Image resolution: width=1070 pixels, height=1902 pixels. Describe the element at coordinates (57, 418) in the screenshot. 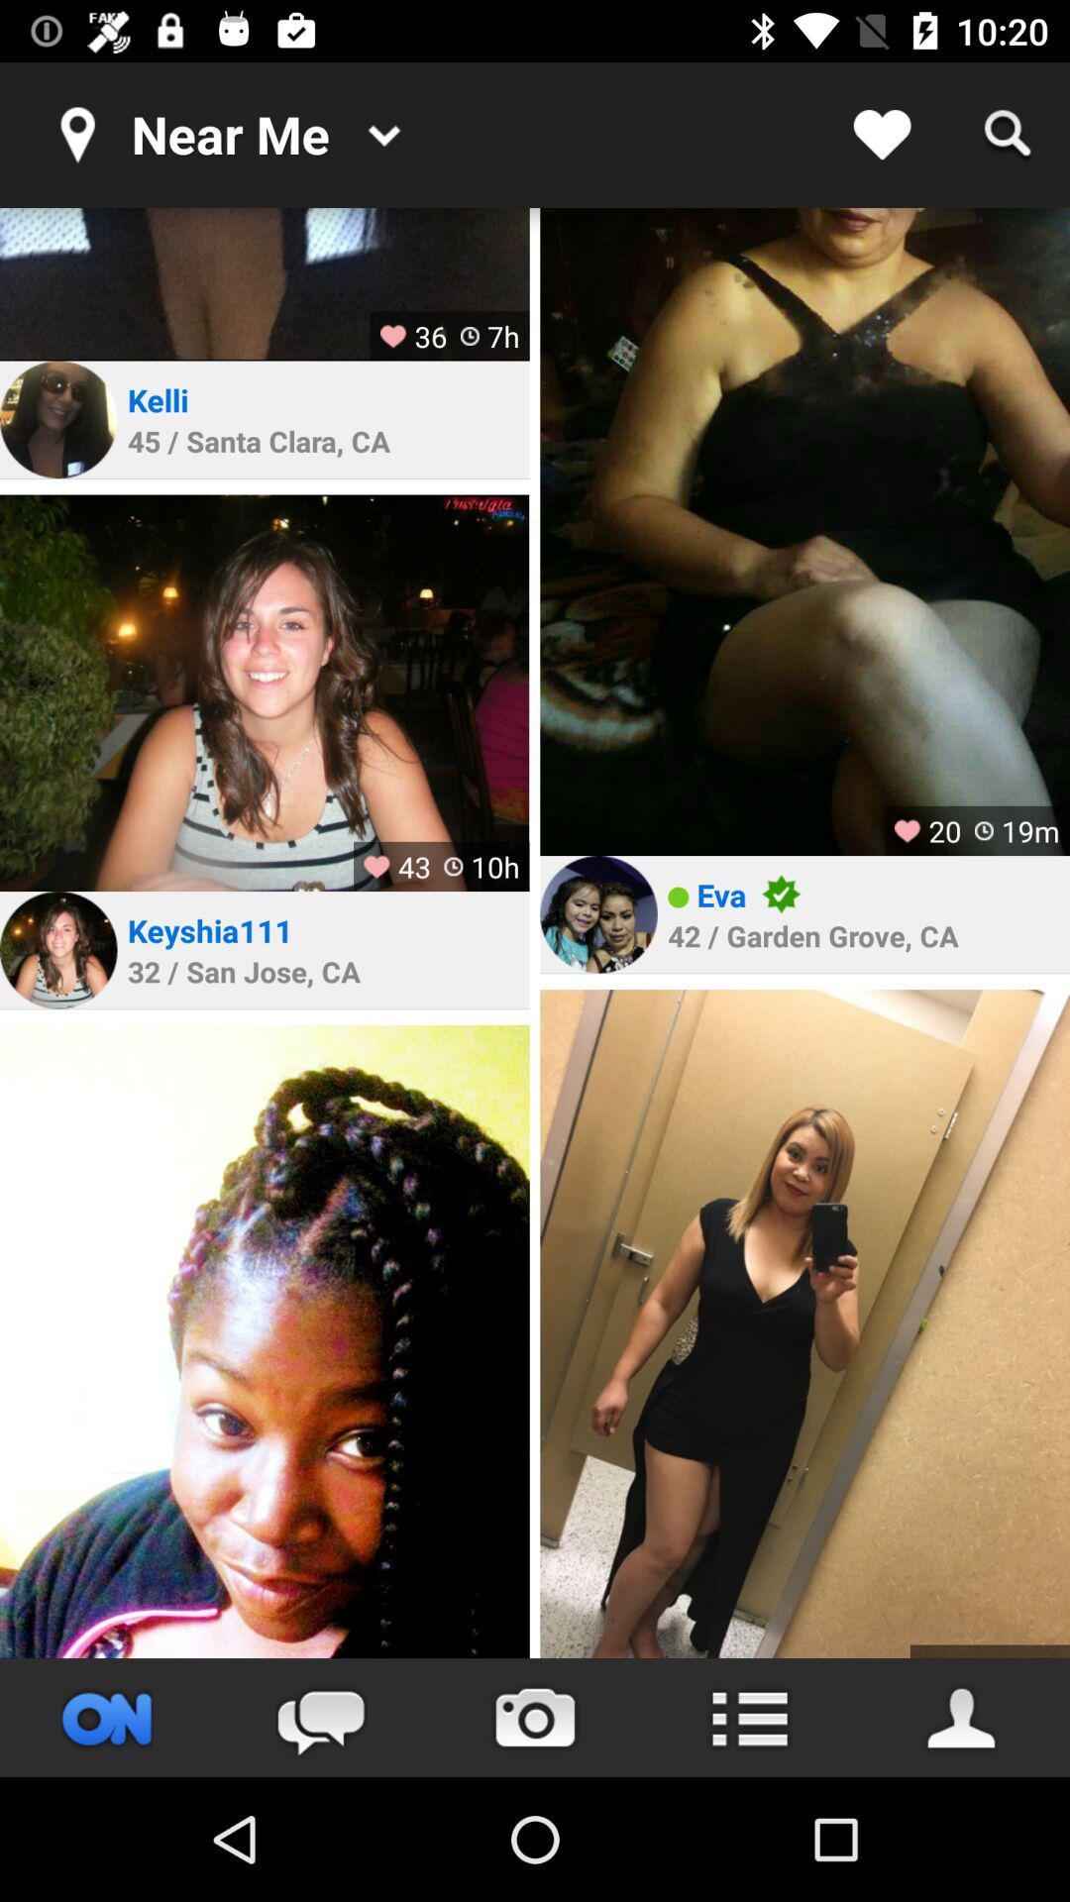

I see `friend profile image` at that location.